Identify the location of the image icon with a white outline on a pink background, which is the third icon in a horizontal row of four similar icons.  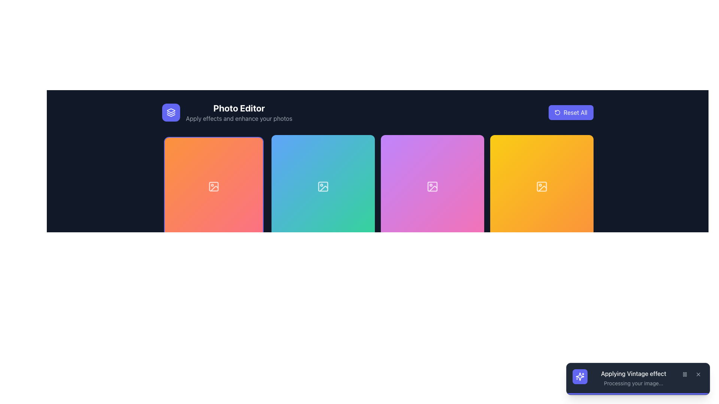
(432, 186).